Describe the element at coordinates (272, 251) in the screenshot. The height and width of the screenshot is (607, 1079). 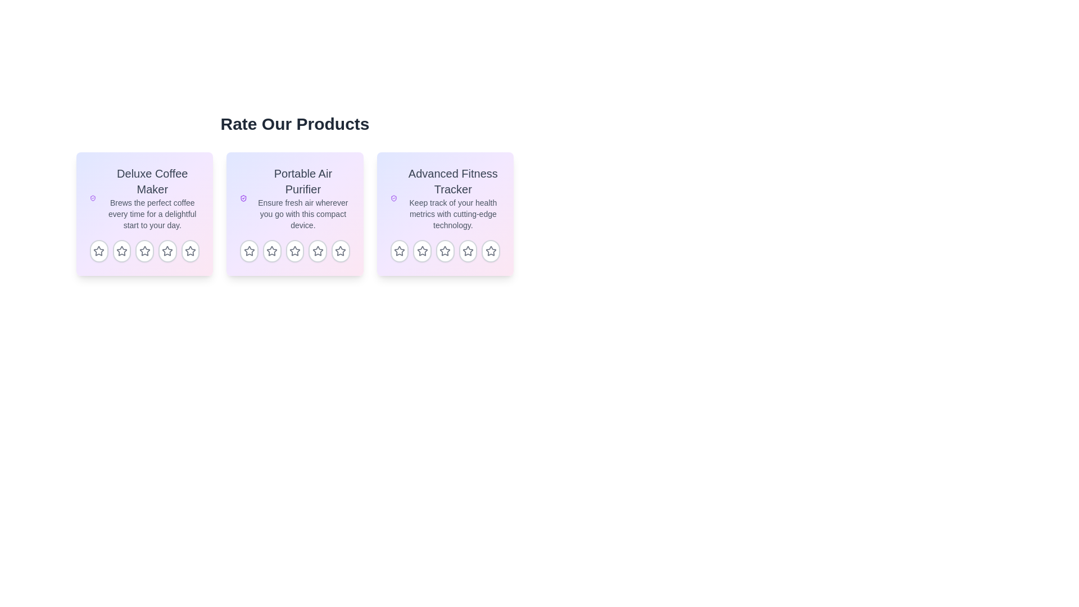
I see `the second star button, which is a circular button with a white background and a gray star icon, to scale it up` at that location.